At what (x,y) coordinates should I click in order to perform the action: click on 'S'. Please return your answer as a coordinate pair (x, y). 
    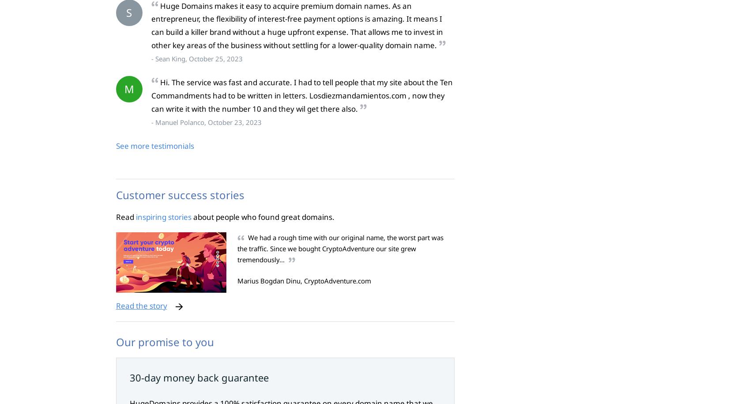
    Looking at the image, I should click on (126, 12).